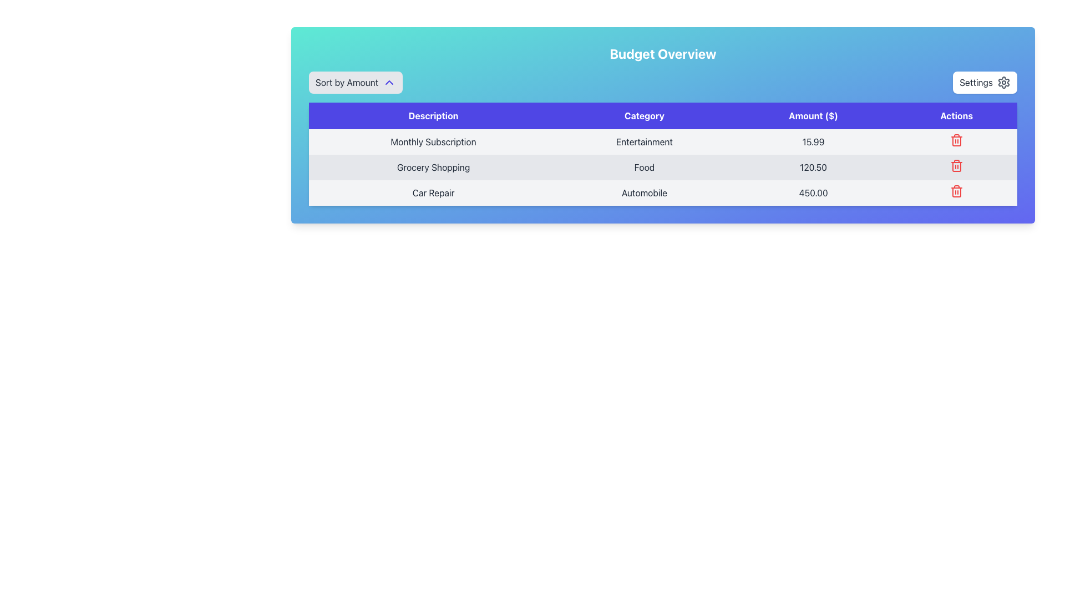 The image size is (1065, 599). What do you see at coordinates (644, 167) in the screenshot?
I see `the centered black bold text label 'Food' in the second cell under the 'Category' column of the 'Budget Overview' table, which has a light gray background and is located between 'Grocery Shopping' and '120.50'` at bounding box center [644, 167].